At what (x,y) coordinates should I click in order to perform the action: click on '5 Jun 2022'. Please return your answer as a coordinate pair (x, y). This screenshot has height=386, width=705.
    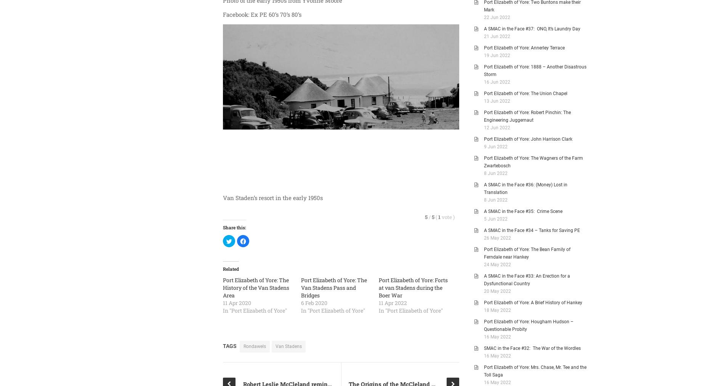
    Looking at the image, I should click on (495, 219).